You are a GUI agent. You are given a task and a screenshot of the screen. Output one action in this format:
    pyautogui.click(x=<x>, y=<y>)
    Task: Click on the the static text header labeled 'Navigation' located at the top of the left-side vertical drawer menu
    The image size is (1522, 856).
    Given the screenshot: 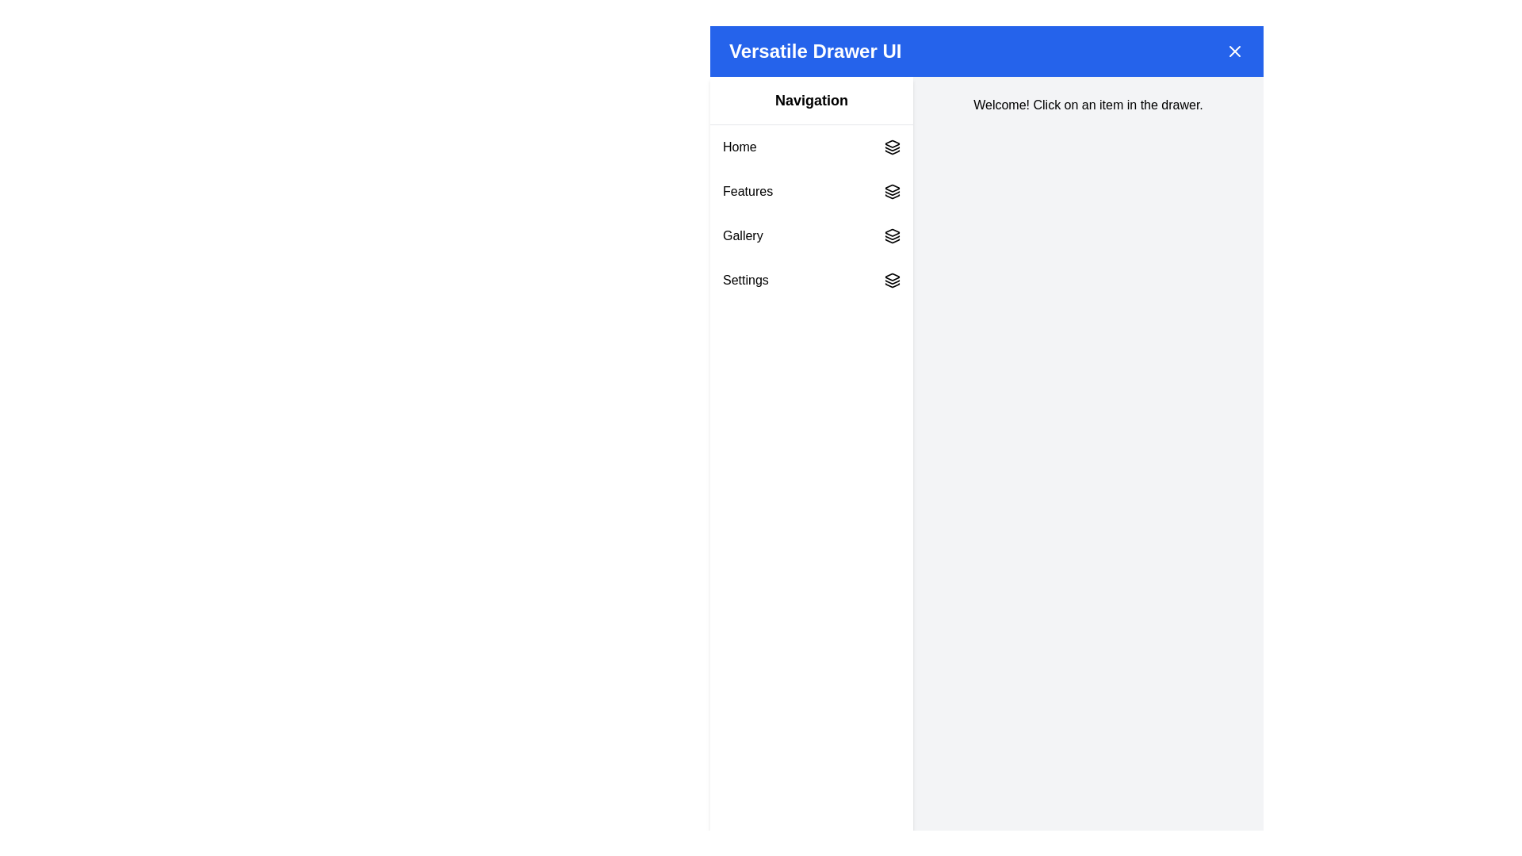 What is the action you would take?
    pyautogui.click(x=811, y=101)
    